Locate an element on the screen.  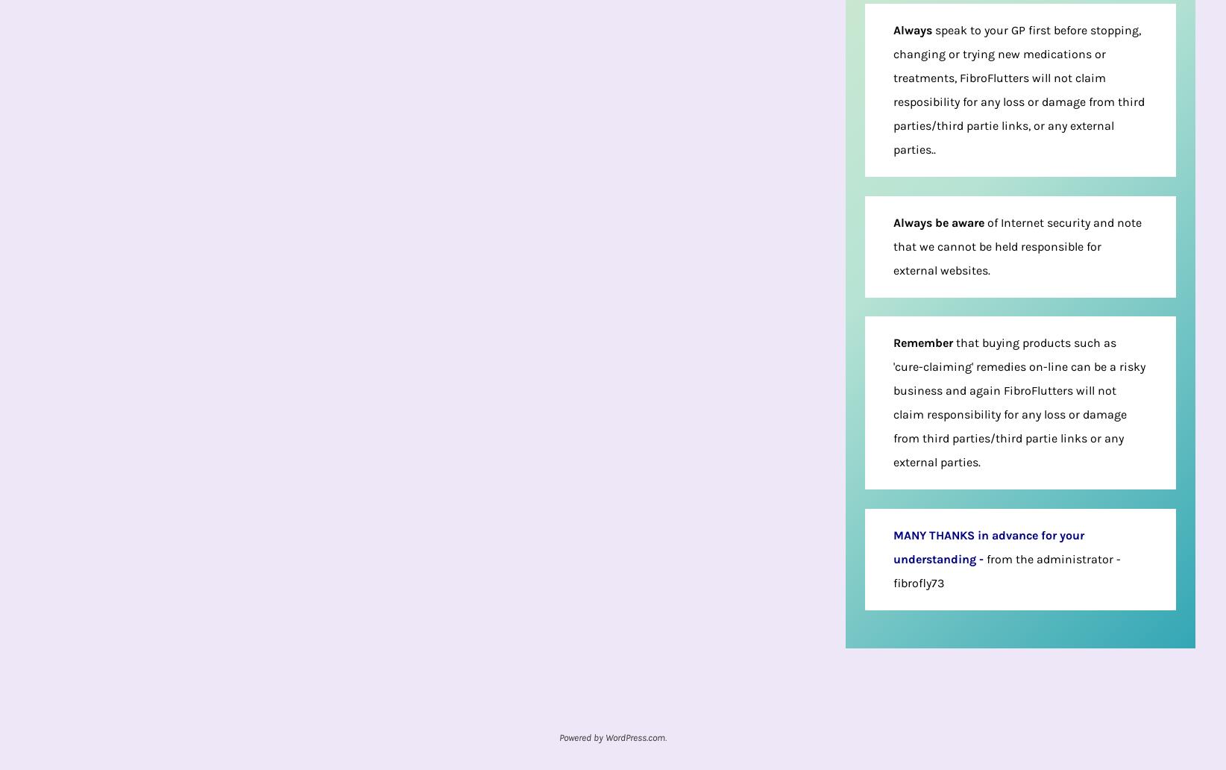
'Always' is located at coordinates (911, 29).